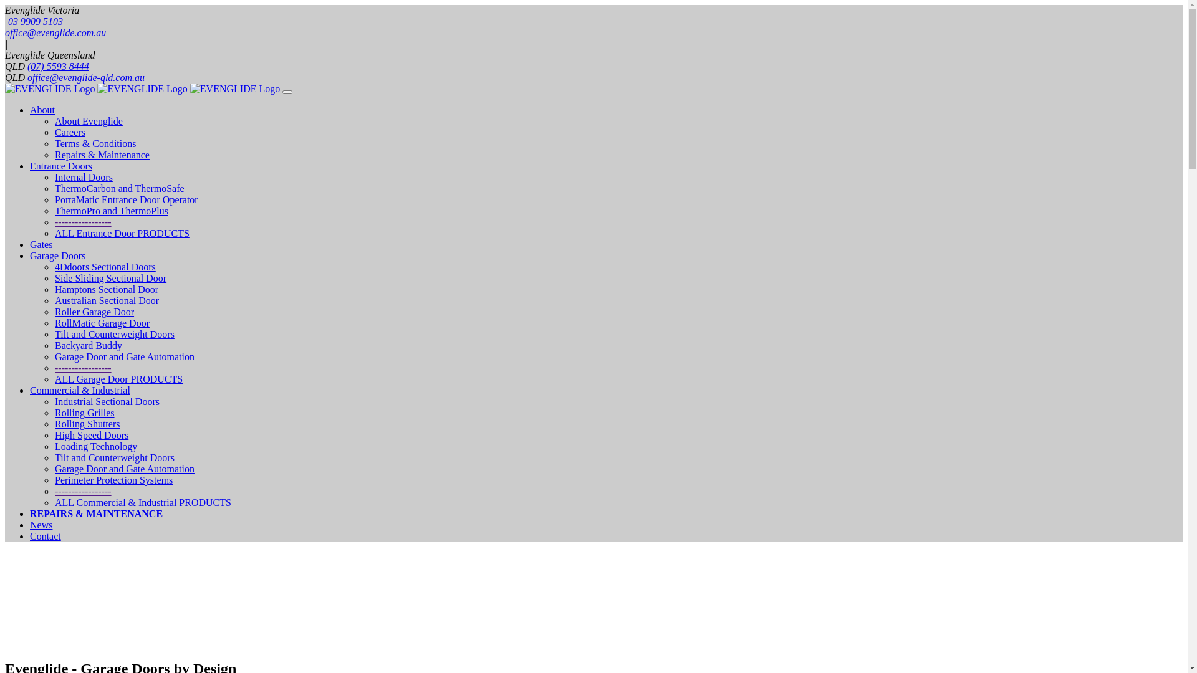 This screenshot has height=673, width=1197. I want to click on 'Careers', so click(69, 132).